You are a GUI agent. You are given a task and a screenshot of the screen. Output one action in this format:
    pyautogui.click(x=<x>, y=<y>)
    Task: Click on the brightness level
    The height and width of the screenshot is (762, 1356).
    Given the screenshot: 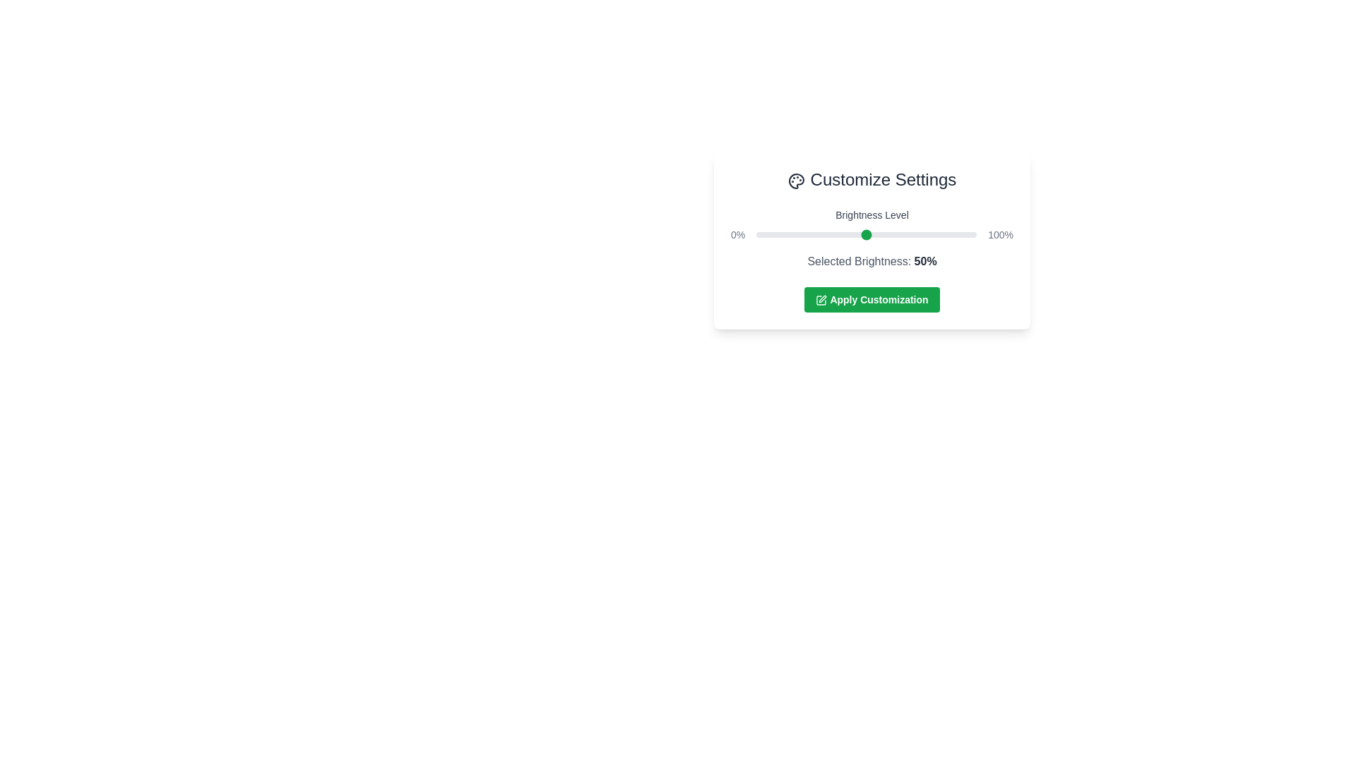 What is the action you would take?
    pyautogui.click(x=961, y=234)
    